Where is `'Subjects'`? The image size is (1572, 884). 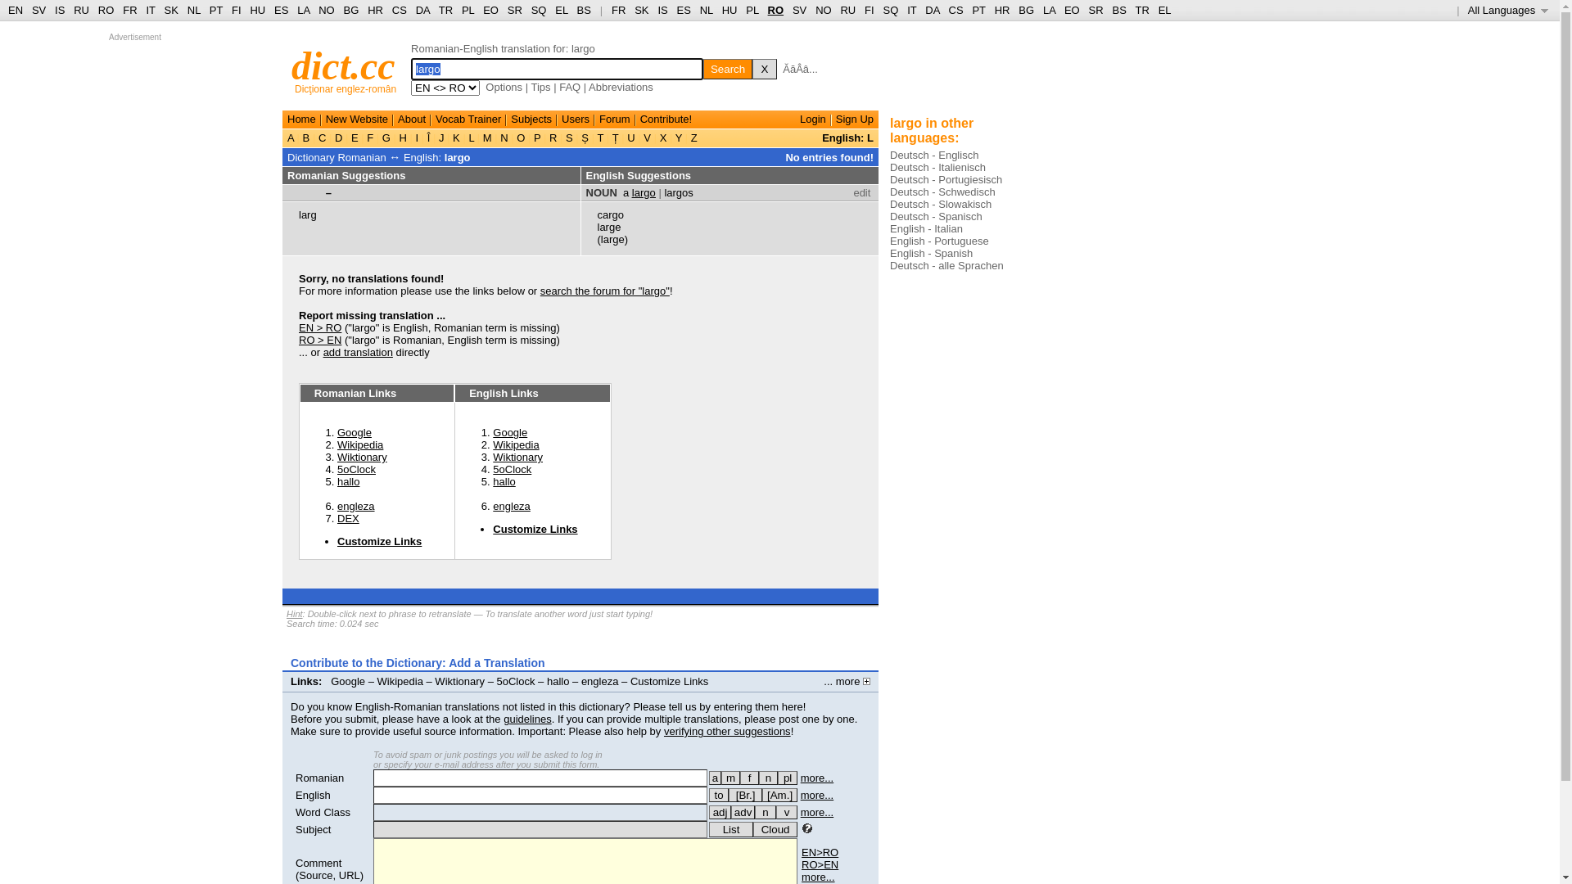
'Subjects' is located at coordinates (531, 118).